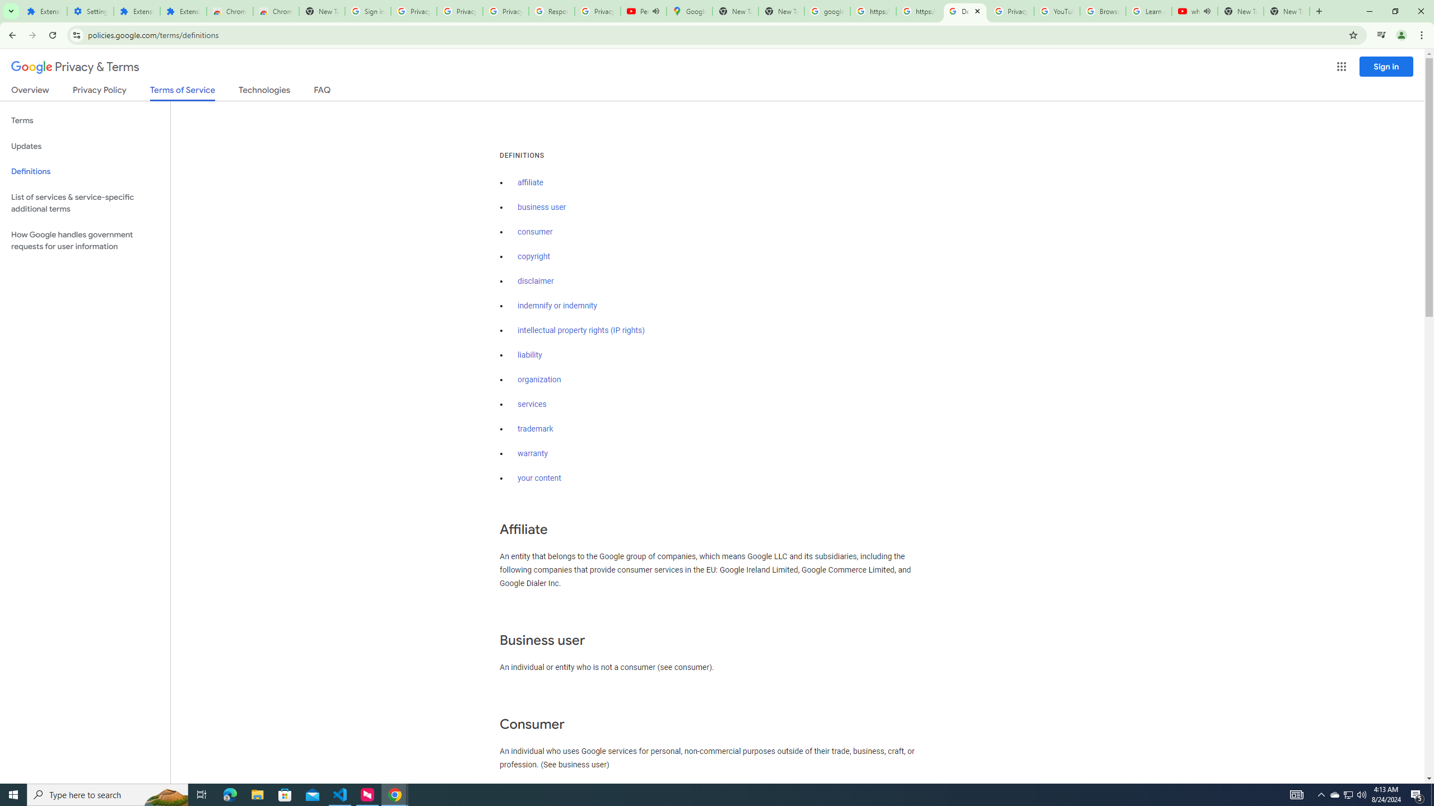  Describe the element at coordinates (557, 306) in the screenshot. I see `'indemnify or indemnity'` at that location.